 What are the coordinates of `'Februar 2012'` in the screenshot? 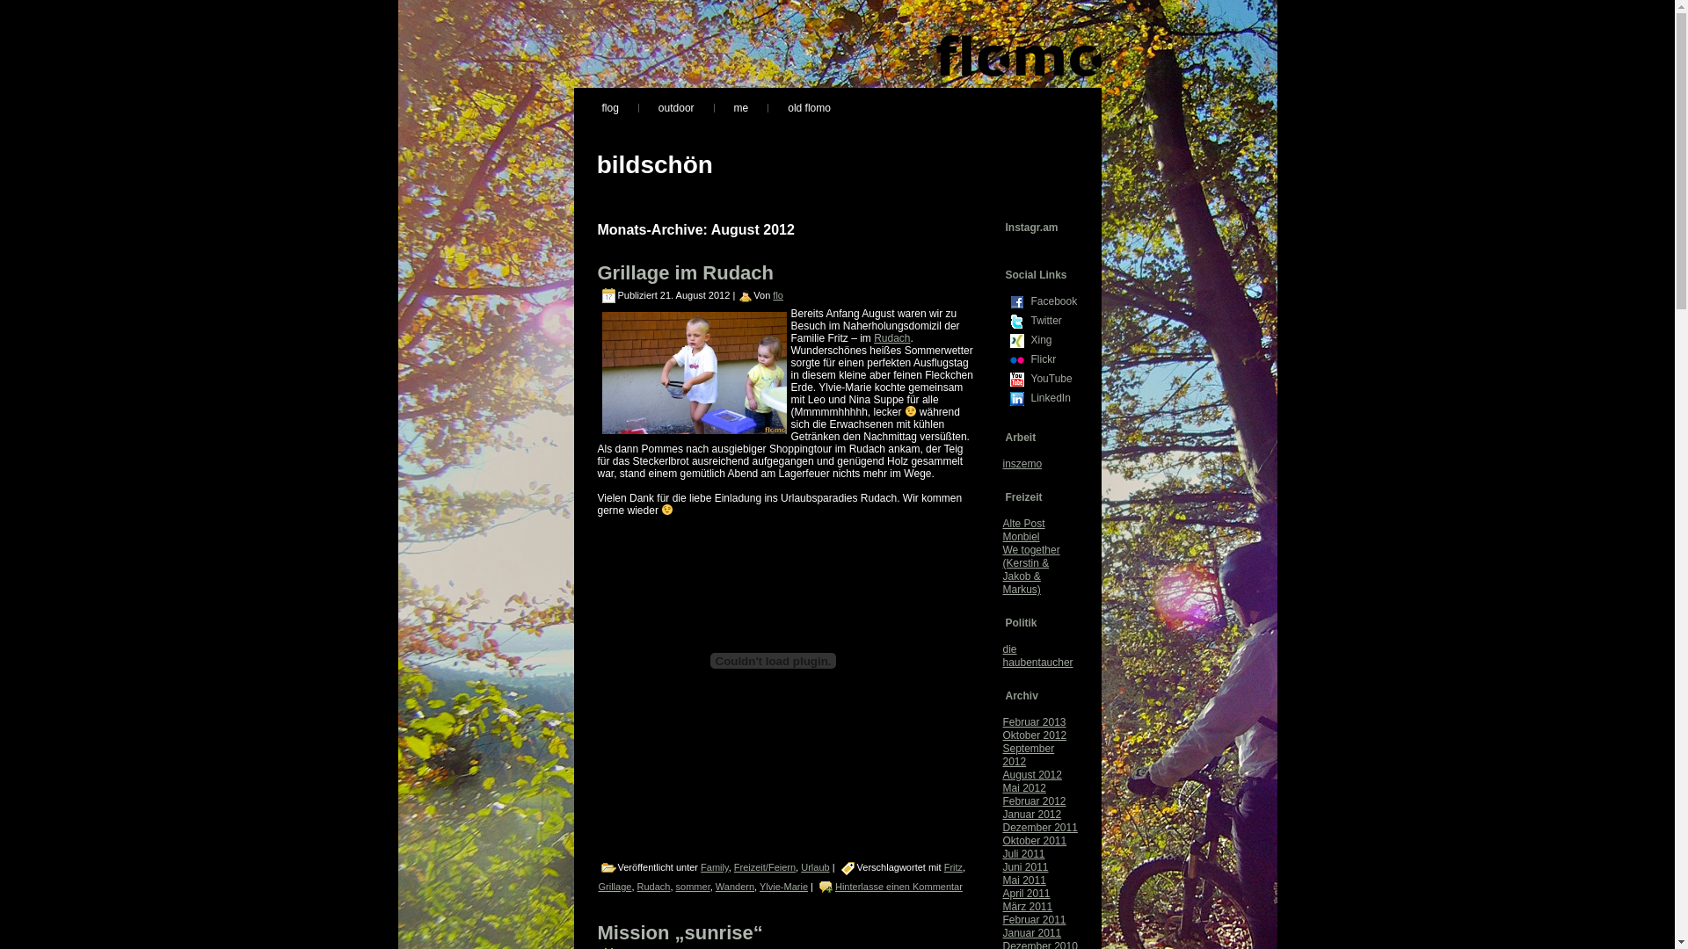 It's located at (1034, 800).